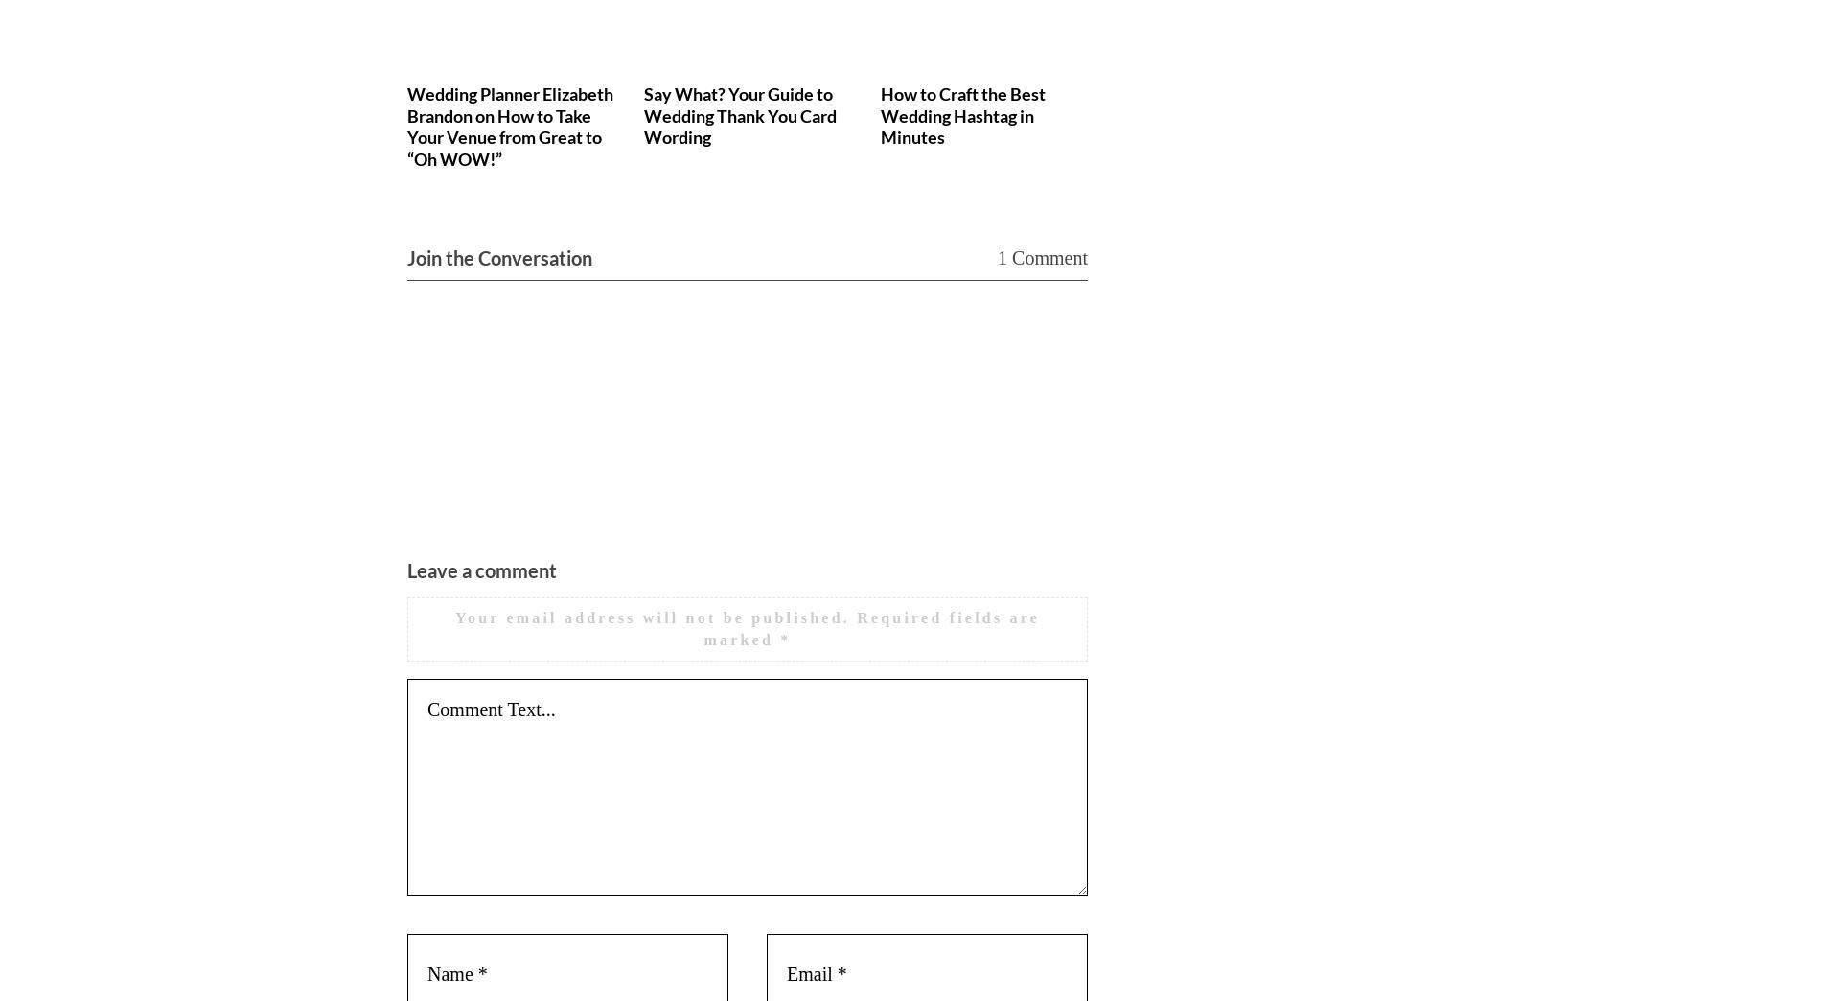 The image size is (1821, 1001). I want to click on 'Destination Weddings: The Best Sydney Wedding Venues', so click(1458, 115).